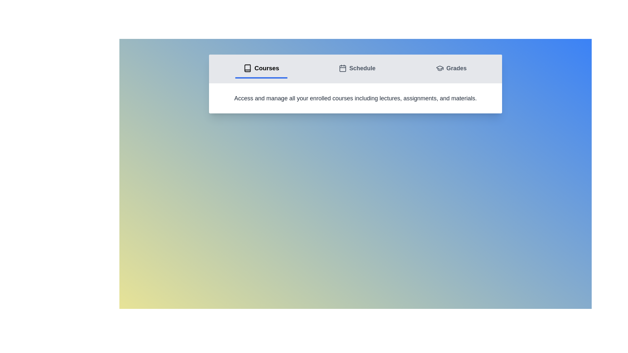  What do you see at coordinates (450, 69) in the screenshot?
I see `the tab labeled Grades to display its content` at bounding box center [450, 69].